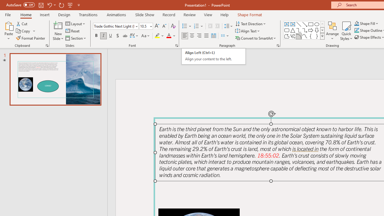 The height and width of the screenshot is (216, 384). What do you see at coordinates (357, 23) in the screenshot?
I see `'Shape Fill Aqua, Accent 2'` at bounding box center [357, 23].